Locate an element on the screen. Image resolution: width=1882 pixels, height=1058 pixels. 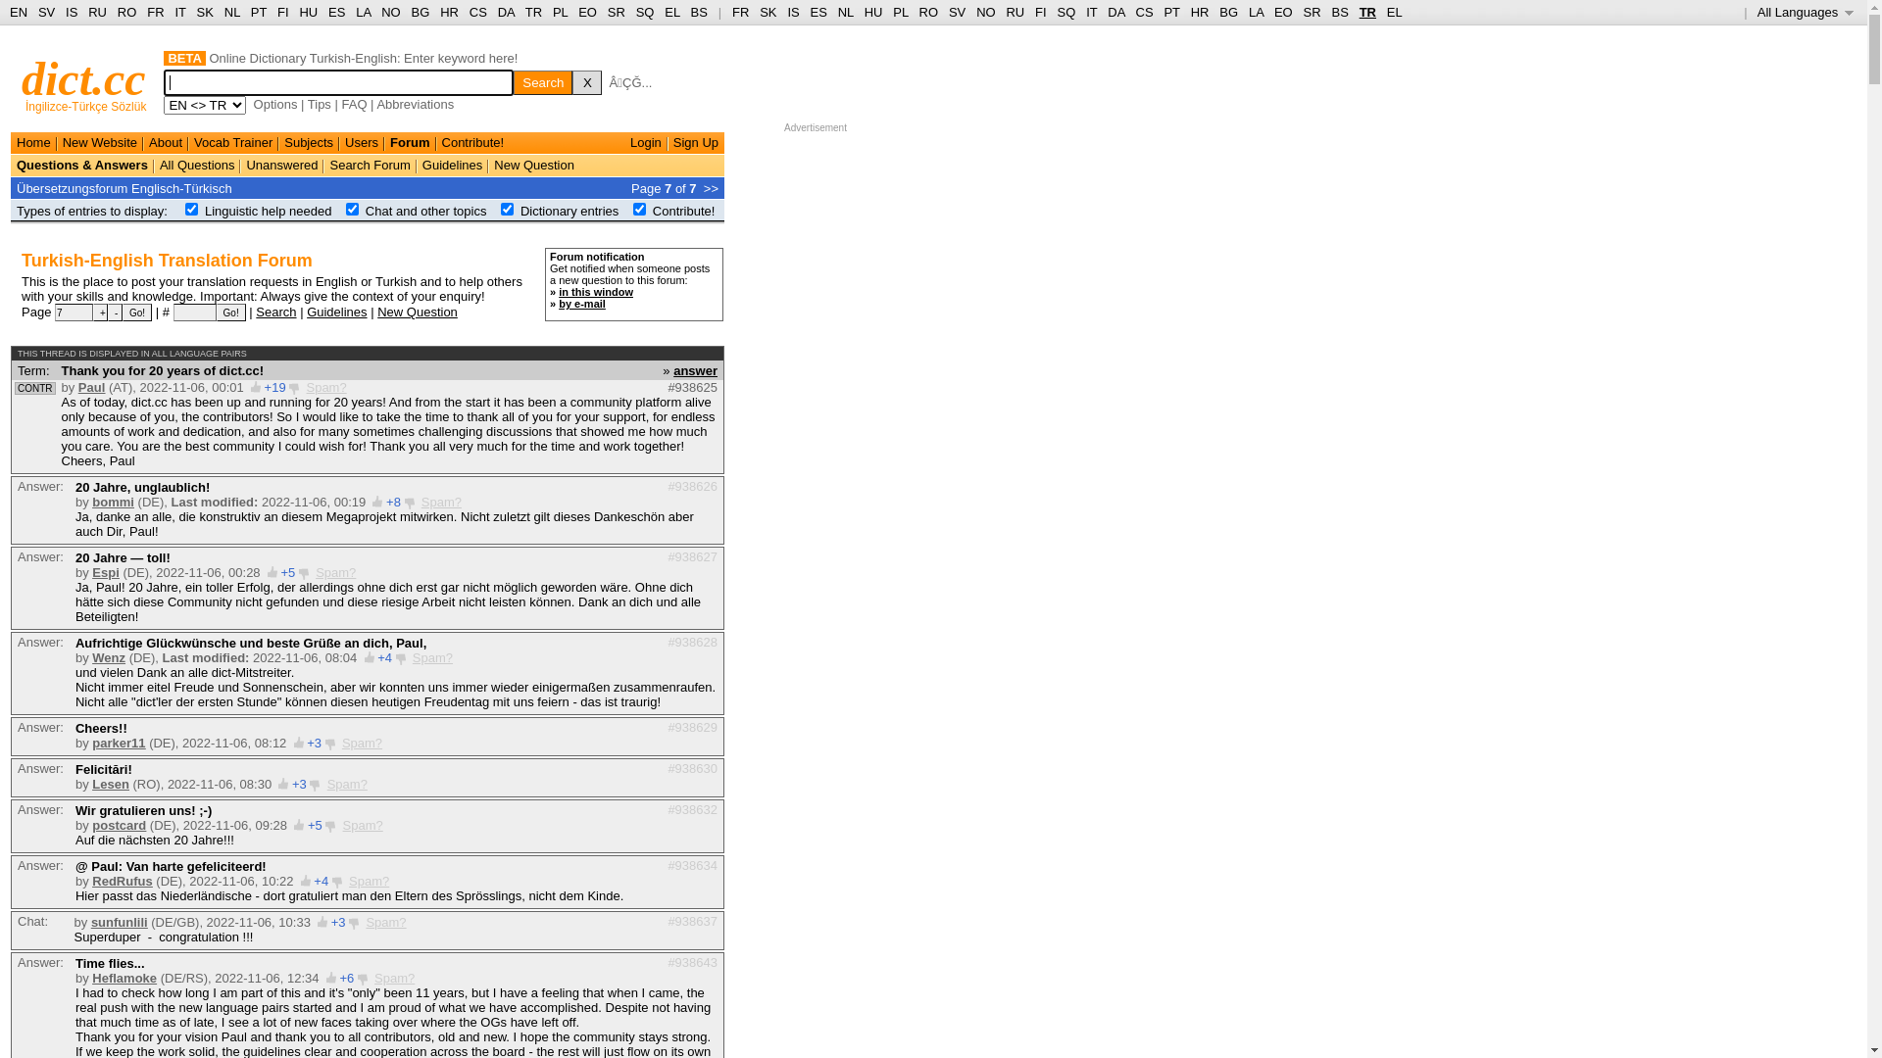
'Espi' is located at coordinates (104, 572).